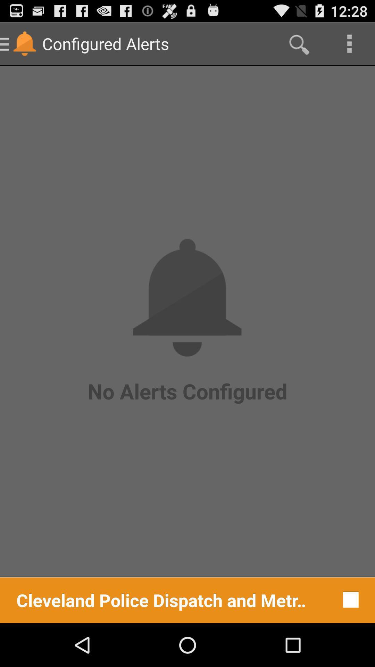  Describe the element at coordinates (161, 599) in the screenshot. I see `item below the no alerts configured app` at that location.